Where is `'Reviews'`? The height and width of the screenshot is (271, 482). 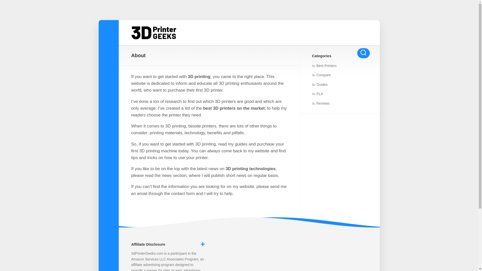
'Reviews' is located at coordinates (320, 103).